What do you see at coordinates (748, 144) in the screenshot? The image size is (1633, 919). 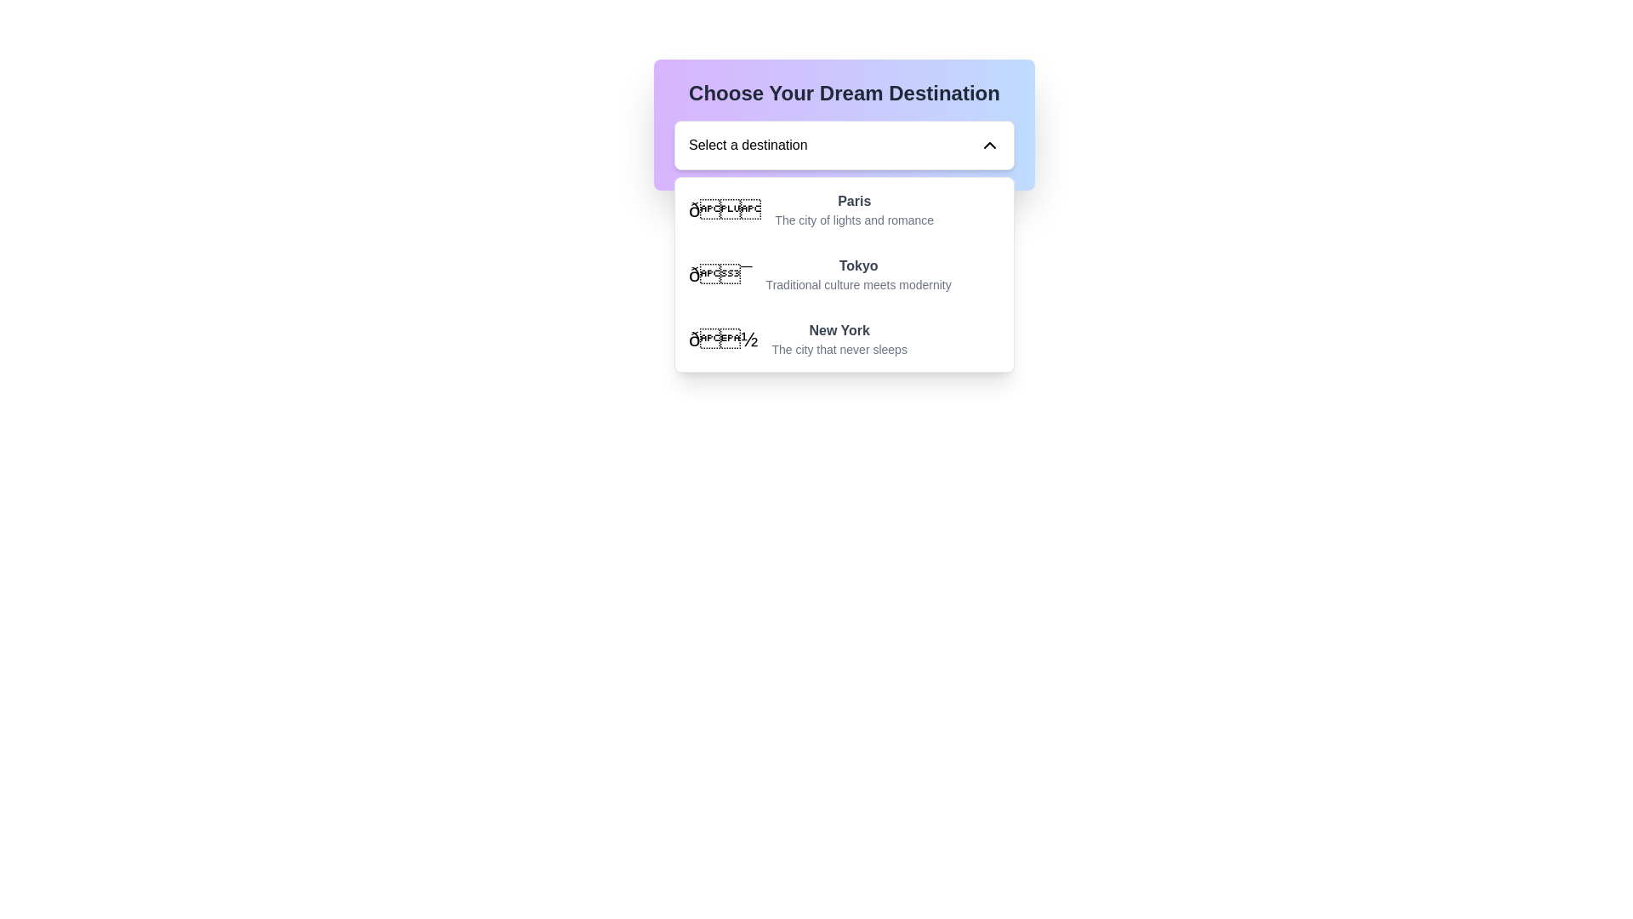 I see `text label displaying 'Select a destination' located within a white rounded rectangle, positioned under the heading 'Choose Your Dream Destination'` at bounding box center [748, 144].